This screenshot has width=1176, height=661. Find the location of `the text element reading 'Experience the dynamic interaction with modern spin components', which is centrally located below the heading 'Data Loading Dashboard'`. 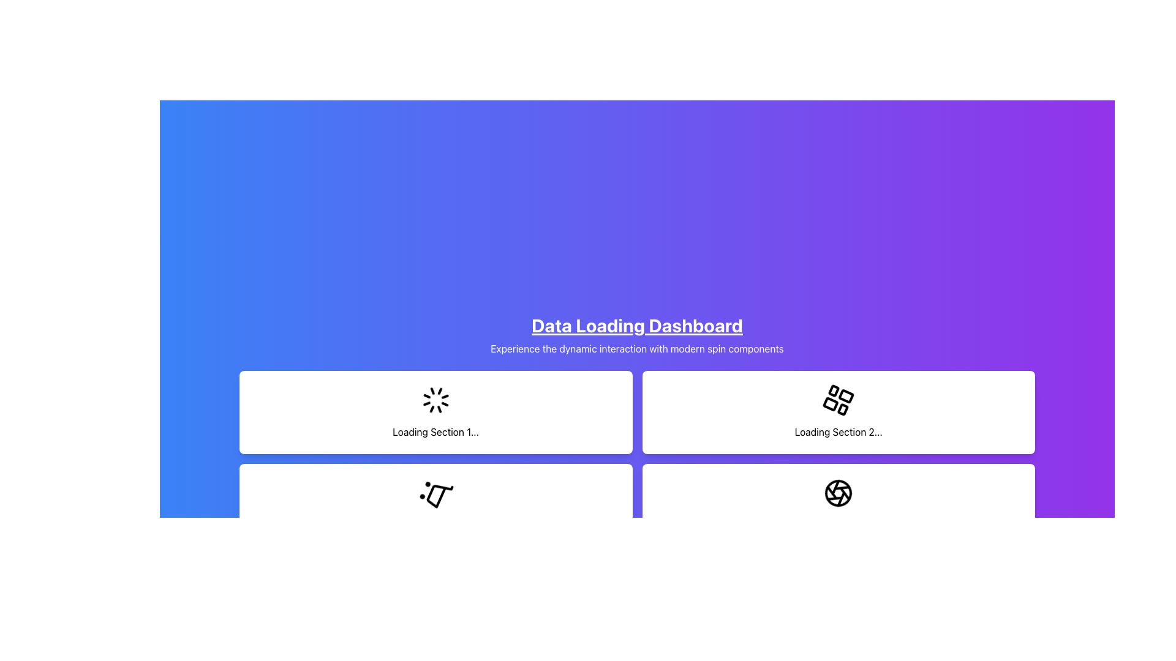

the text element reading 'Experience the dynamic interaction with modern spin components', which is centrally located below the heading 'Data Loading Dashboard' is located at coordinates (637, 349).